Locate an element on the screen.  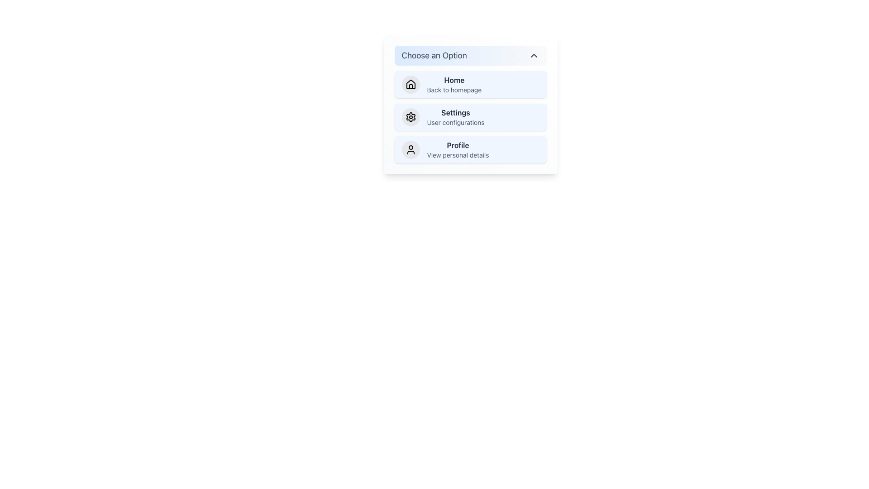
the descriptive text element located below the 'Settings' option in the 'Choose an Option' card is located at coordinates (456, 122).